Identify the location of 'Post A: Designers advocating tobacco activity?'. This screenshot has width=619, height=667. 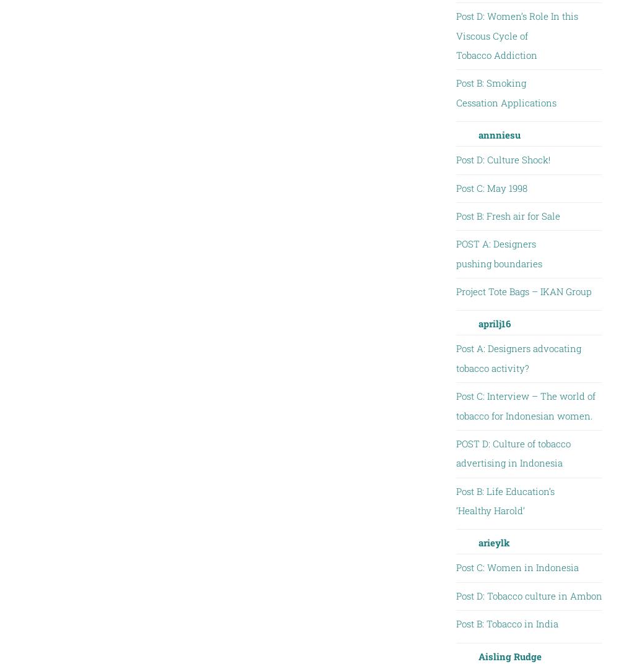
(517, 358).